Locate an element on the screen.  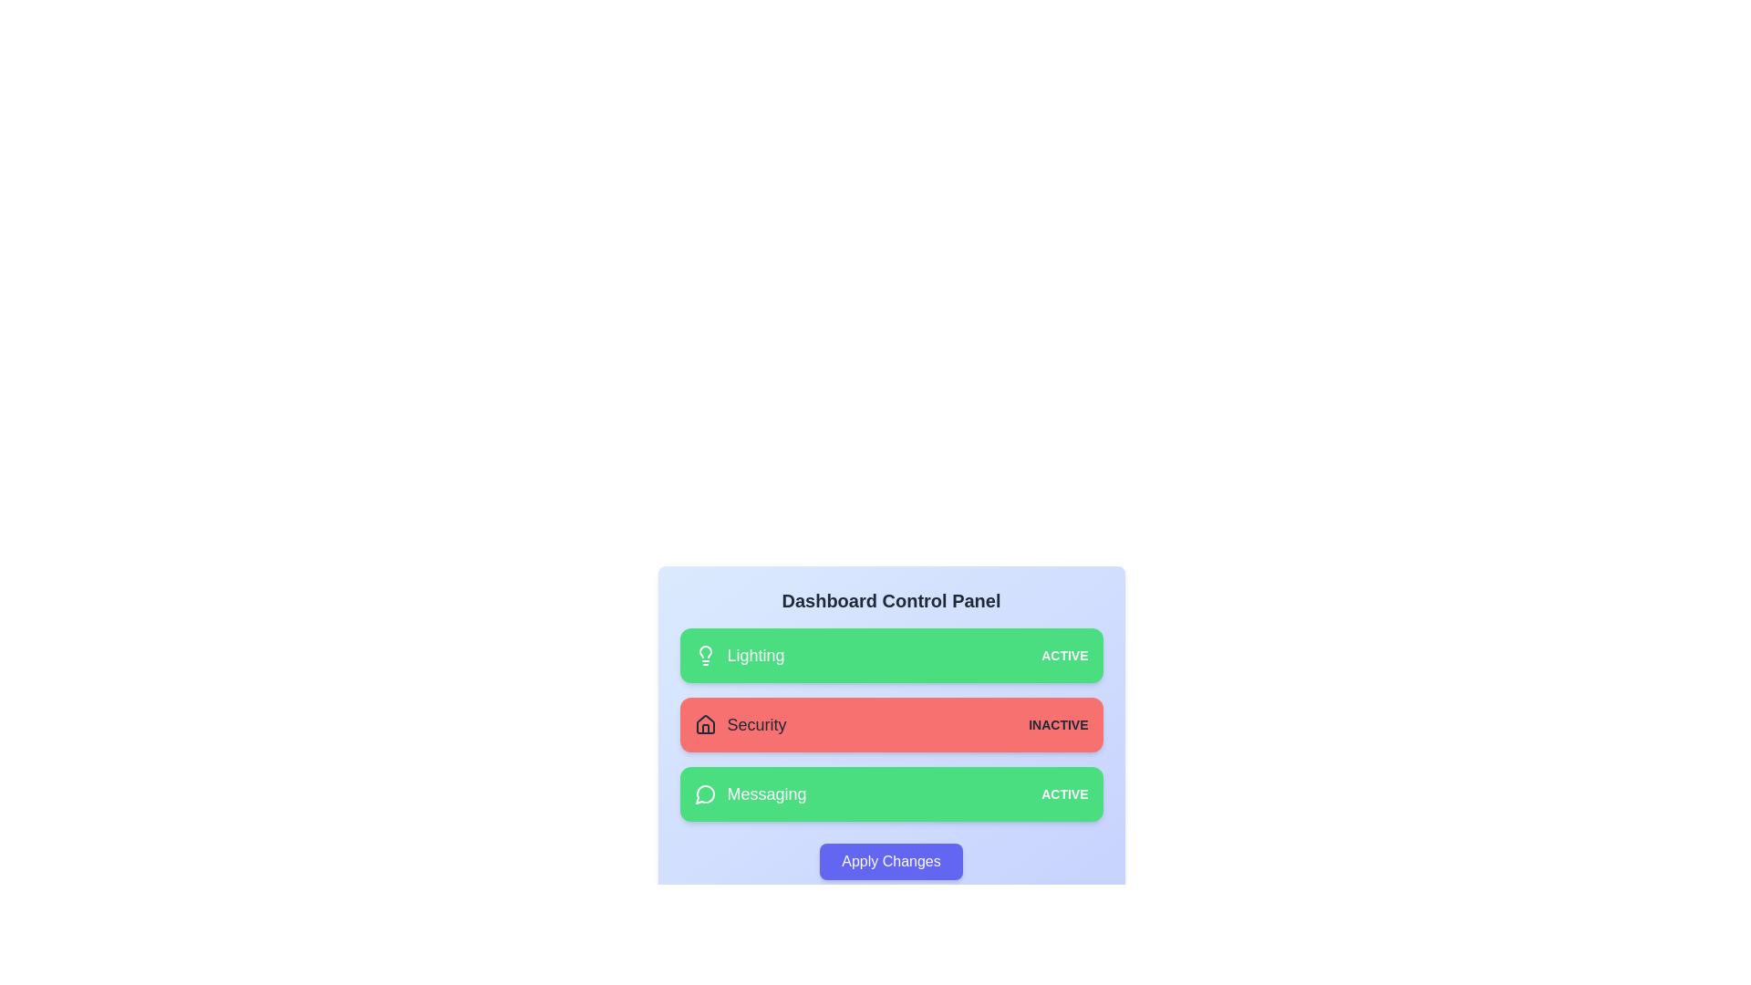
the card corresponding to Messaging to toggle its state is located at coordinates (891, 793).